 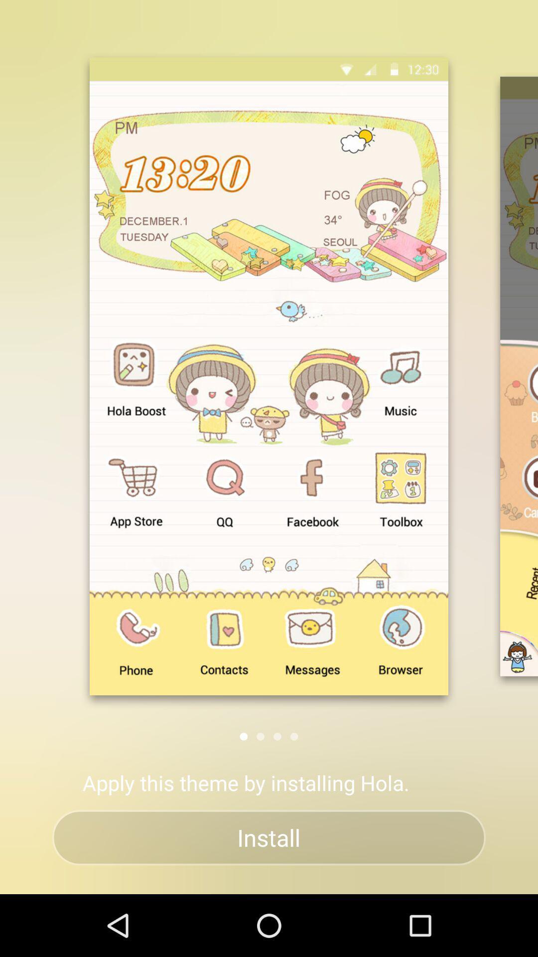 I want to click on the app above the apply this theme app, so click(x=260, y=736).